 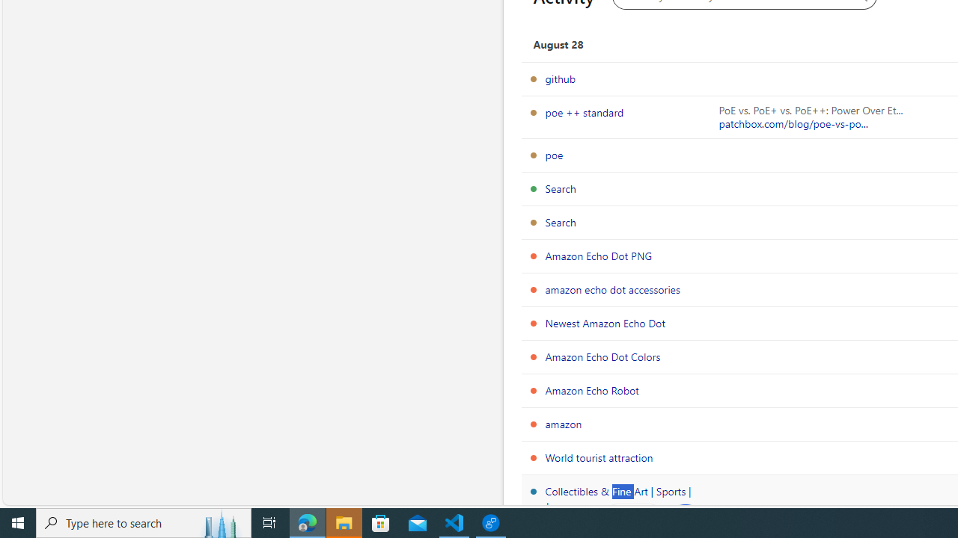 What do you see at coordinates (792, 123) in the screenshot?
I see `'patchbox.com/blog/poe-vs-po...'` at bounding box center [792, 123].